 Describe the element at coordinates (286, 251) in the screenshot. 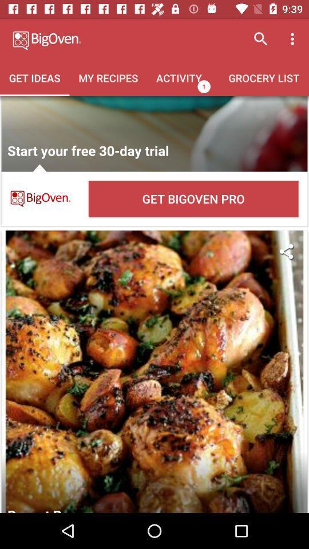

I see `share` at that location.